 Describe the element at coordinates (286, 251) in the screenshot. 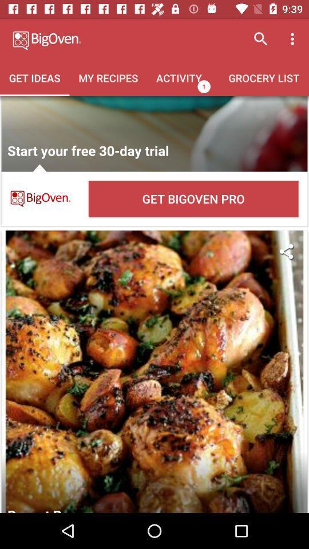

I see `share` at that location.